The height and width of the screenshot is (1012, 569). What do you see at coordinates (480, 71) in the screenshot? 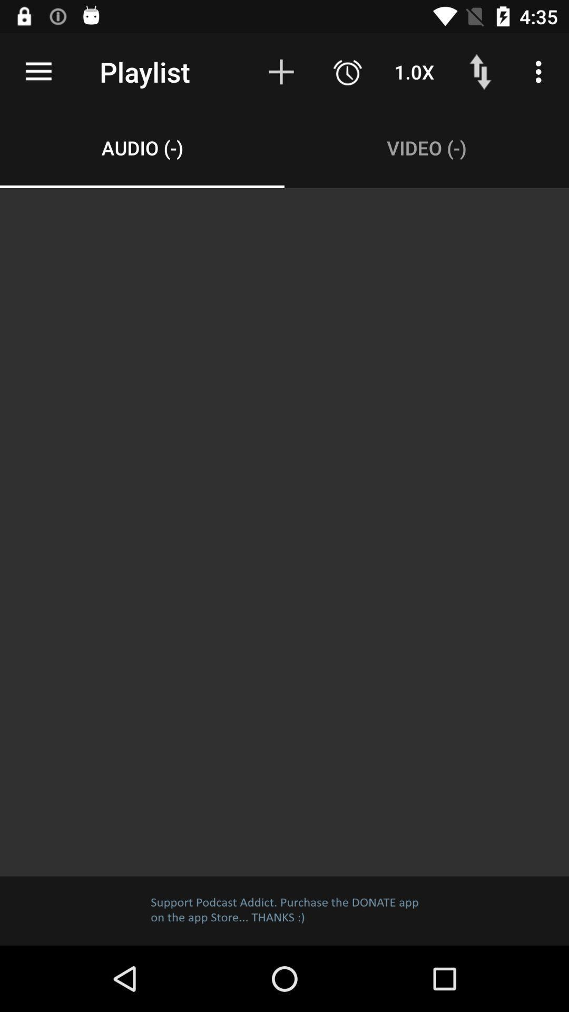
I see `the item next to the 1.0x item` at bounding box center [480, 71].